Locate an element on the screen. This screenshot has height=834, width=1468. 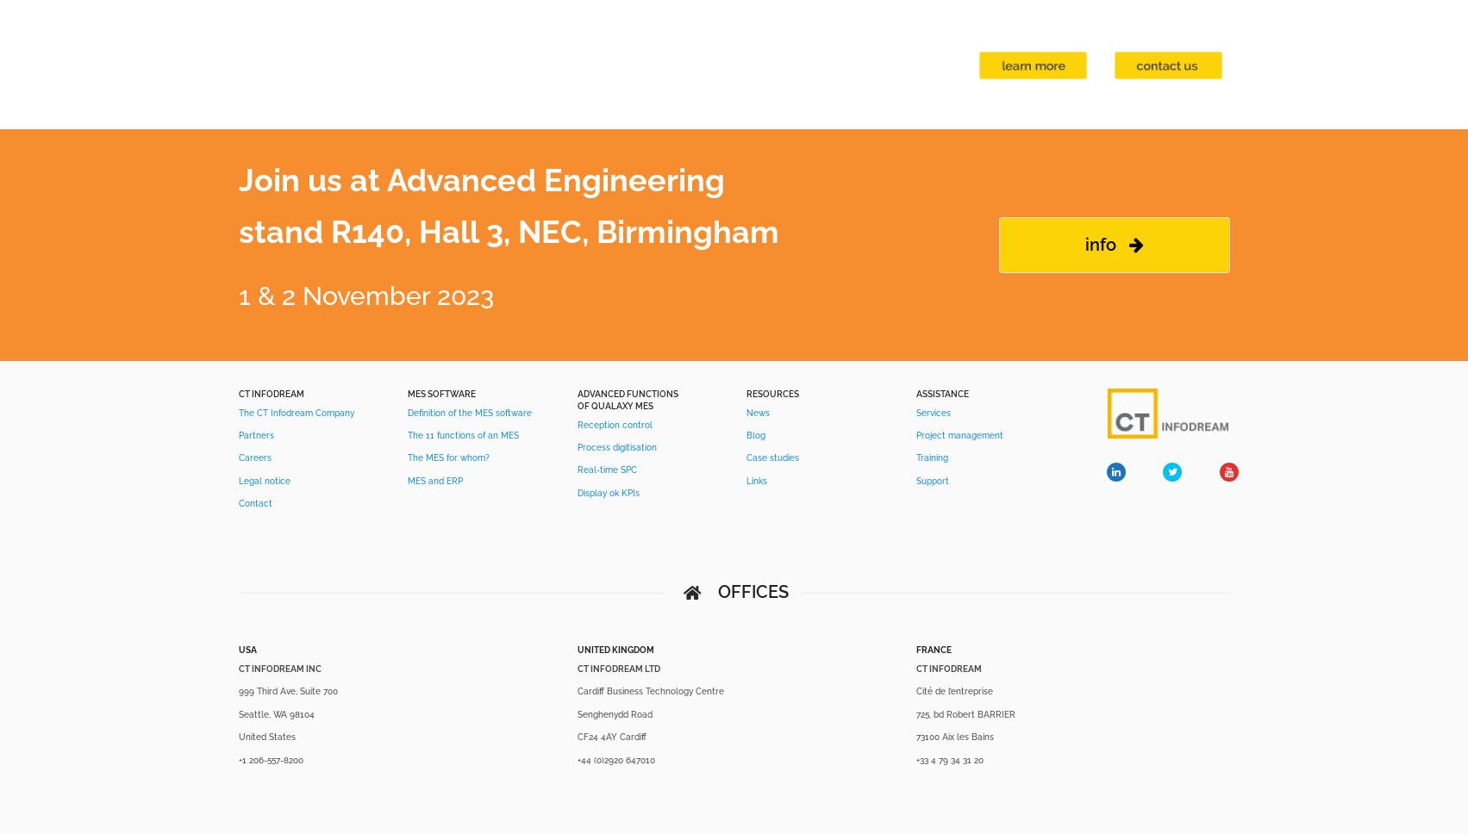
'CF24 4AY Cardiff' is located at coordinates (610, 736).